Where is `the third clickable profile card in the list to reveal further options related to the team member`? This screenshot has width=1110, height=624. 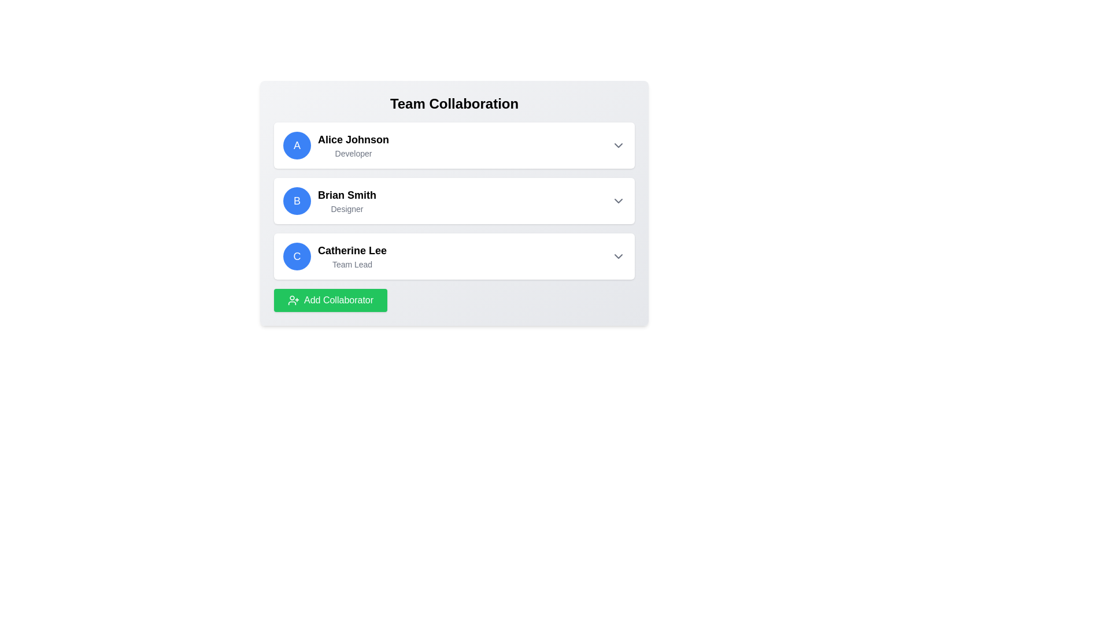
the third clickable profile card in the list to reveal further options related to the team member is located at coordinates (454, 255).